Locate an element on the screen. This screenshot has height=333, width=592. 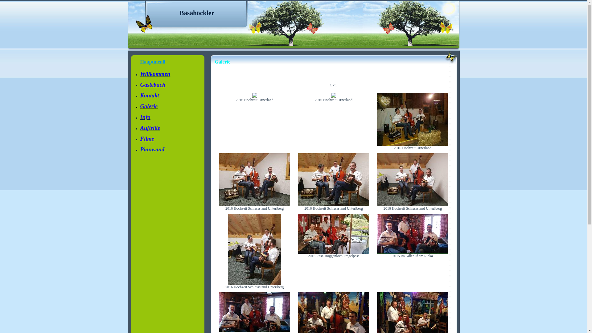
'Kontakt' is located at coordinates (140, 96).